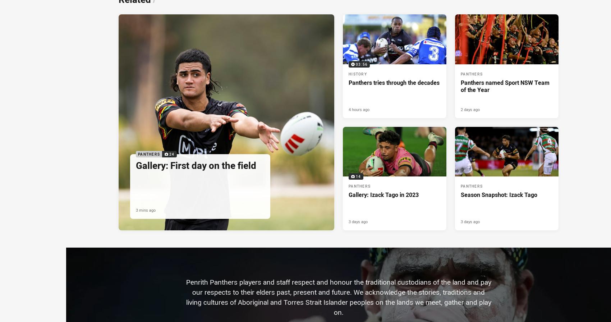 The width and height of the screenshot is (611, 322). What do you see at coordinates (357, 74) in the screenshot?
I see `'History'` at bounding box center [357, 74].